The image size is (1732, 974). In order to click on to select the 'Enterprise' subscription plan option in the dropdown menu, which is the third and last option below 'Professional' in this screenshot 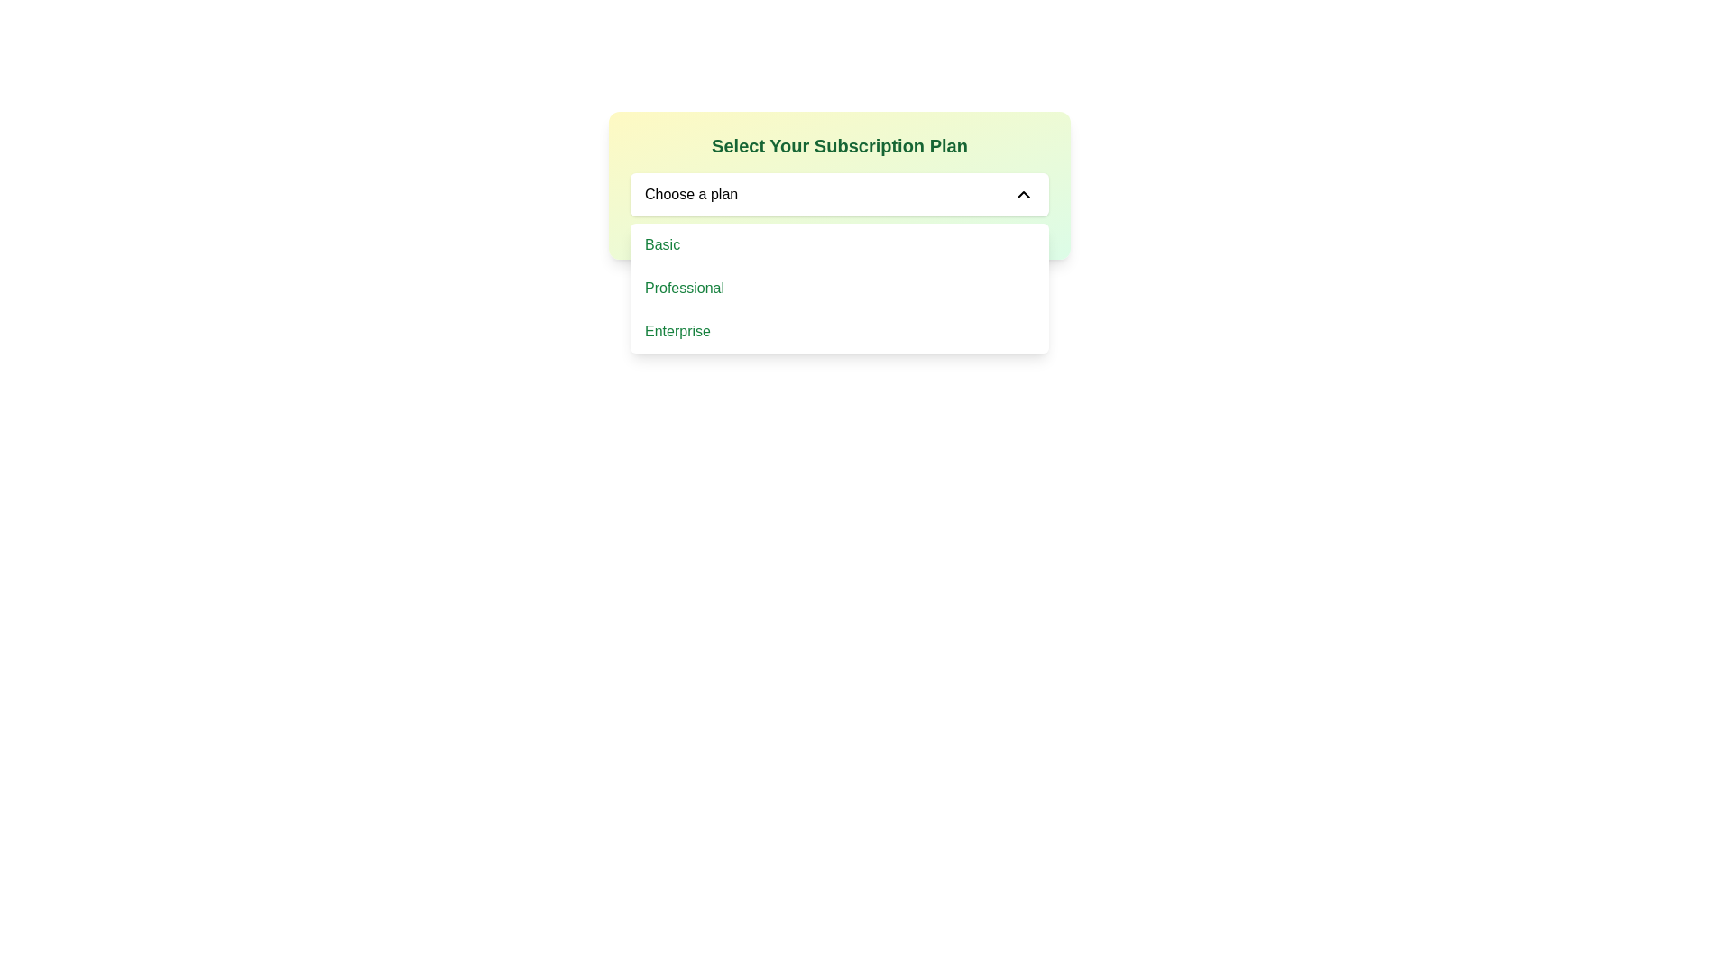, I will do `click(839, 331)`.